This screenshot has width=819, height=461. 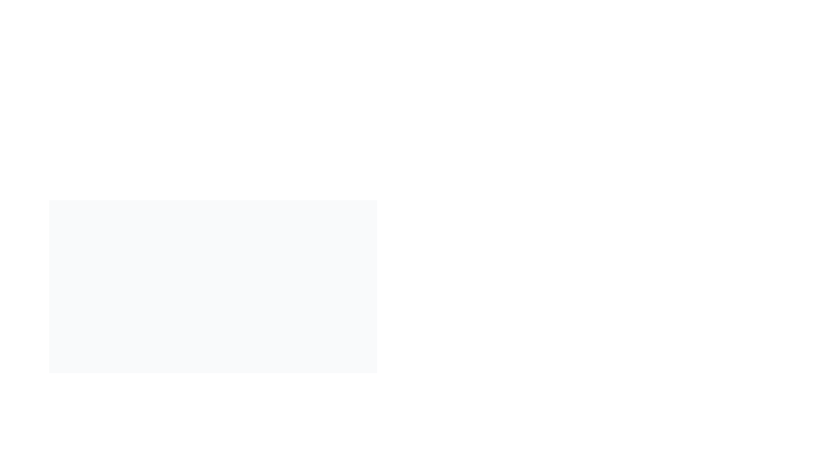 What do you see at coordinates (213, 450) in the screenshot?
I see `the button located at the bottom of the panel with a white background and rounded corners, which allows users to add an event and triggers a related action` at bounding box center [213, 450].